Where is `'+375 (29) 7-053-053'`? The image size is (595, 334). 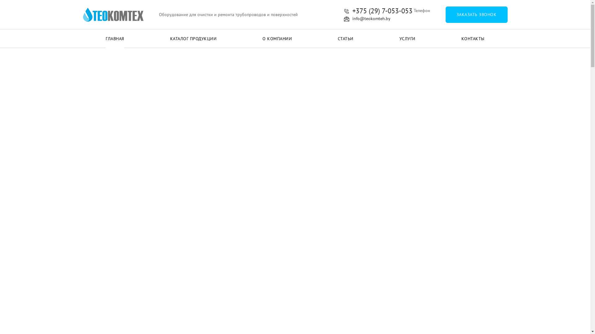
'+375 (29) 7-053-053' is located at coordinates (378, 11).